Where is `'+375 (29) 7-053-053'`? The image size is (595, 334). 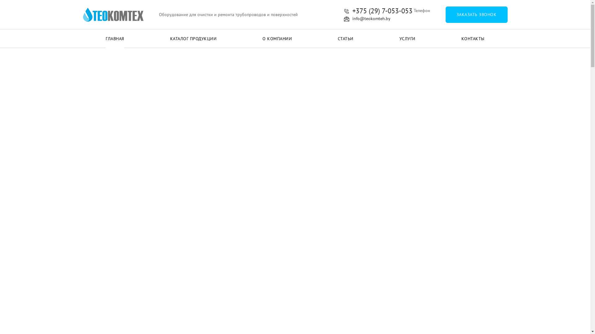
'+375 (29) 7-053-053' is located at coordinates (378, 11).